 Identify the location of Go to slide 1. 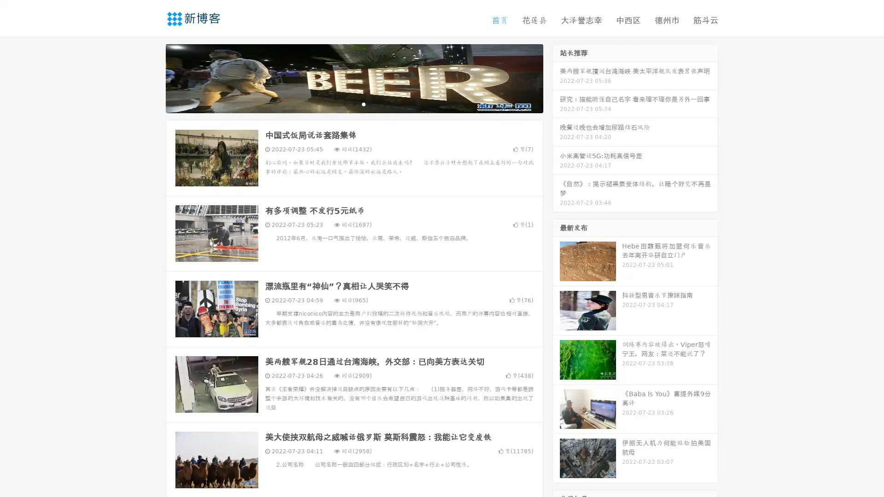
(344, 104).